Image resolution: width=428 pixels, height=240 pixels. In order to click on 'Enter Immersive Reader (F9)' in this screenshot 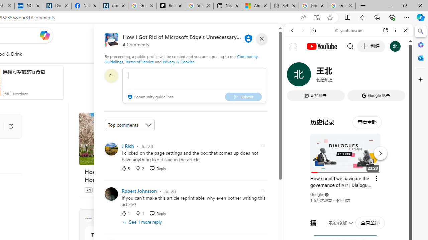, I will do `click(316, 17)`.